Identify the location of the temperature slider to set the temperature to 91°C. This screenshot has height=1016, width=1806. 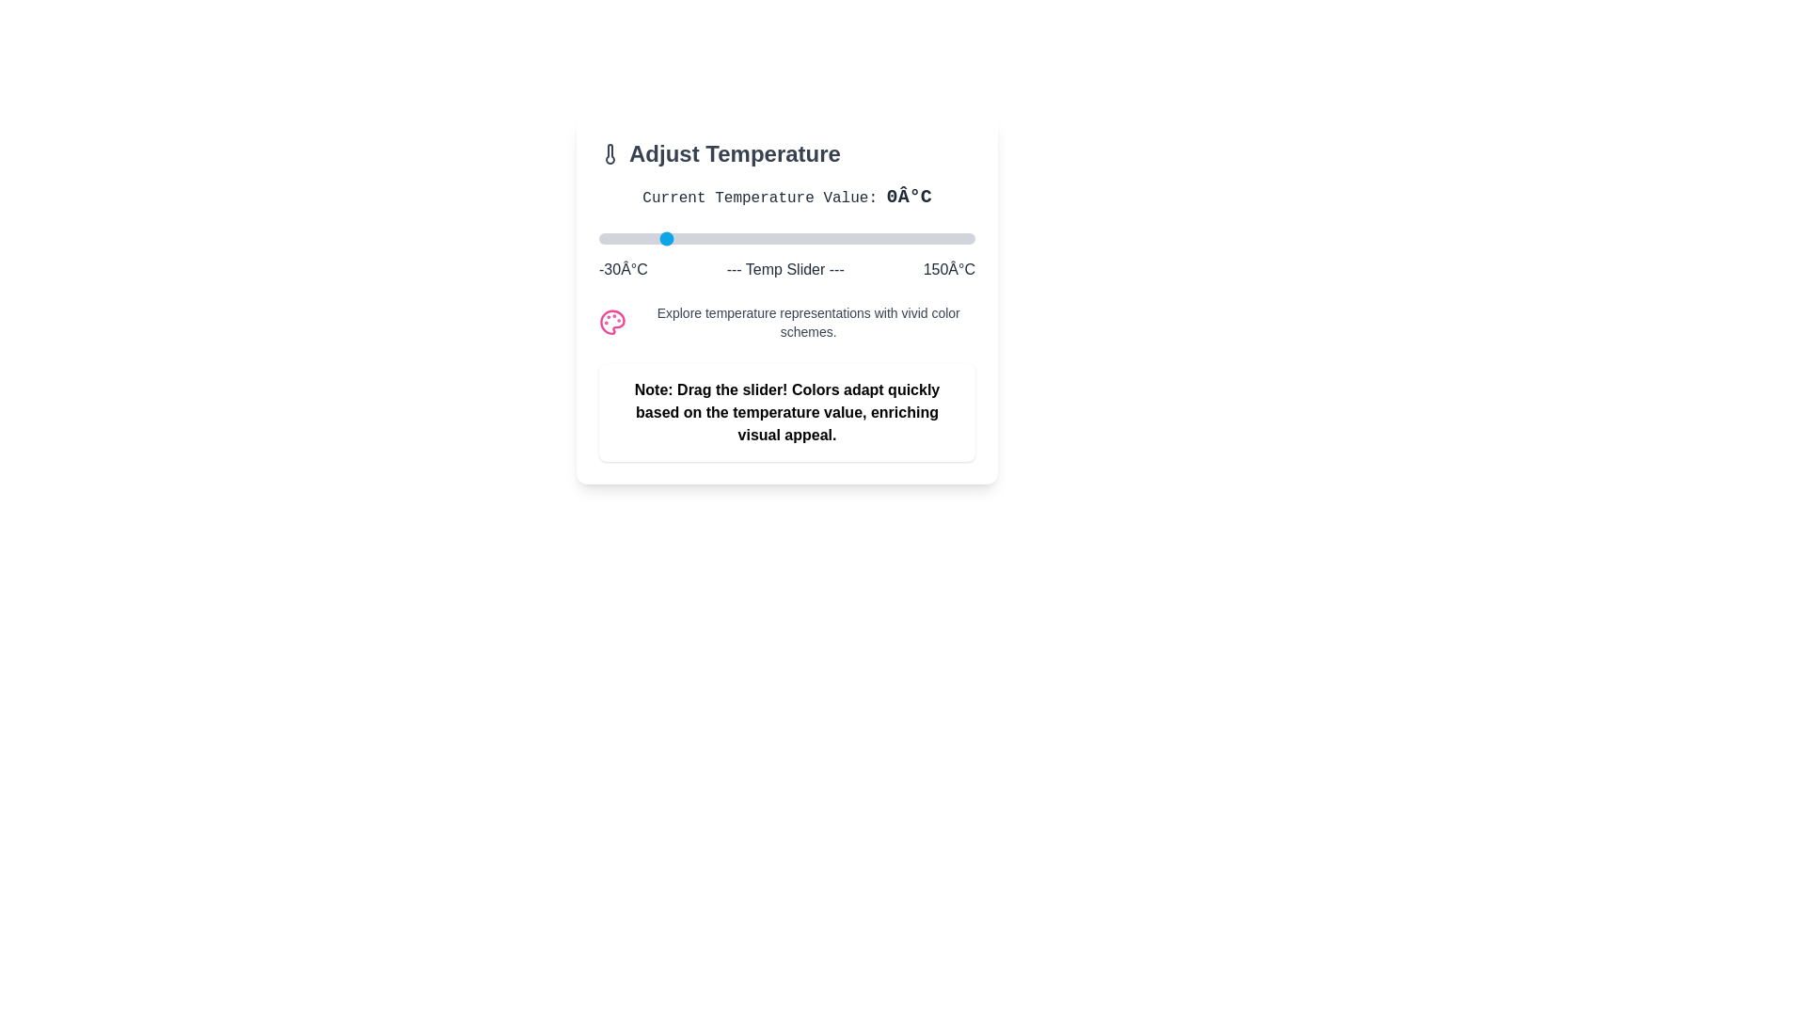
(850, 238).